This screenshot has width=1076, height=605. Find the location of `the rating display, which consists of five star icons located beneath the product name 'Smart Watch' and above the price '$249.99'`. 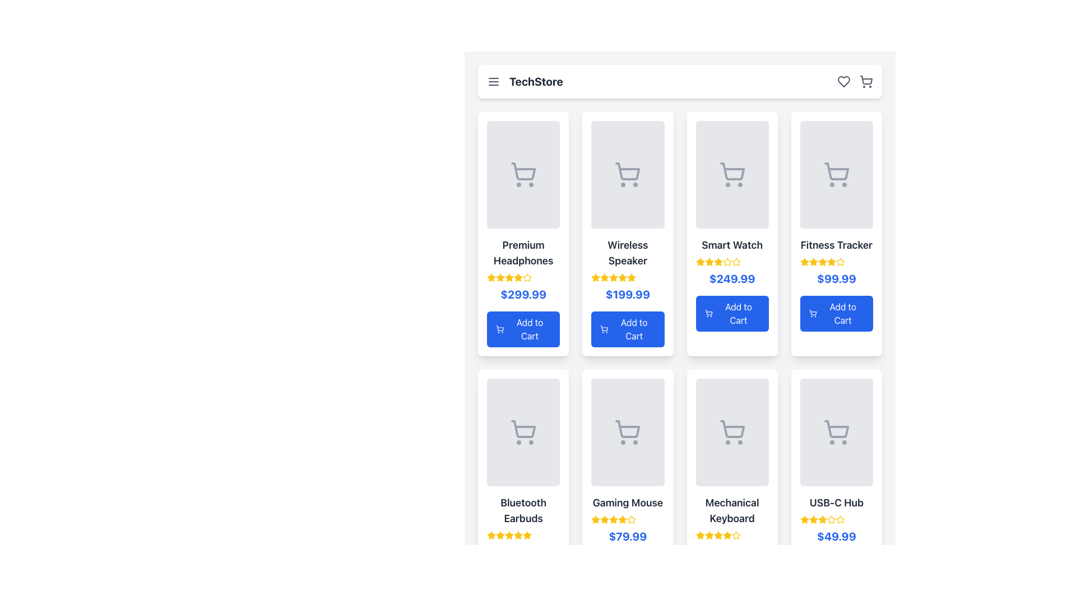

the rating display, which consists of five star icons located beneath the product name 'Smart Watch' and above the price '$249.99' is located at coordinates (732, 262).